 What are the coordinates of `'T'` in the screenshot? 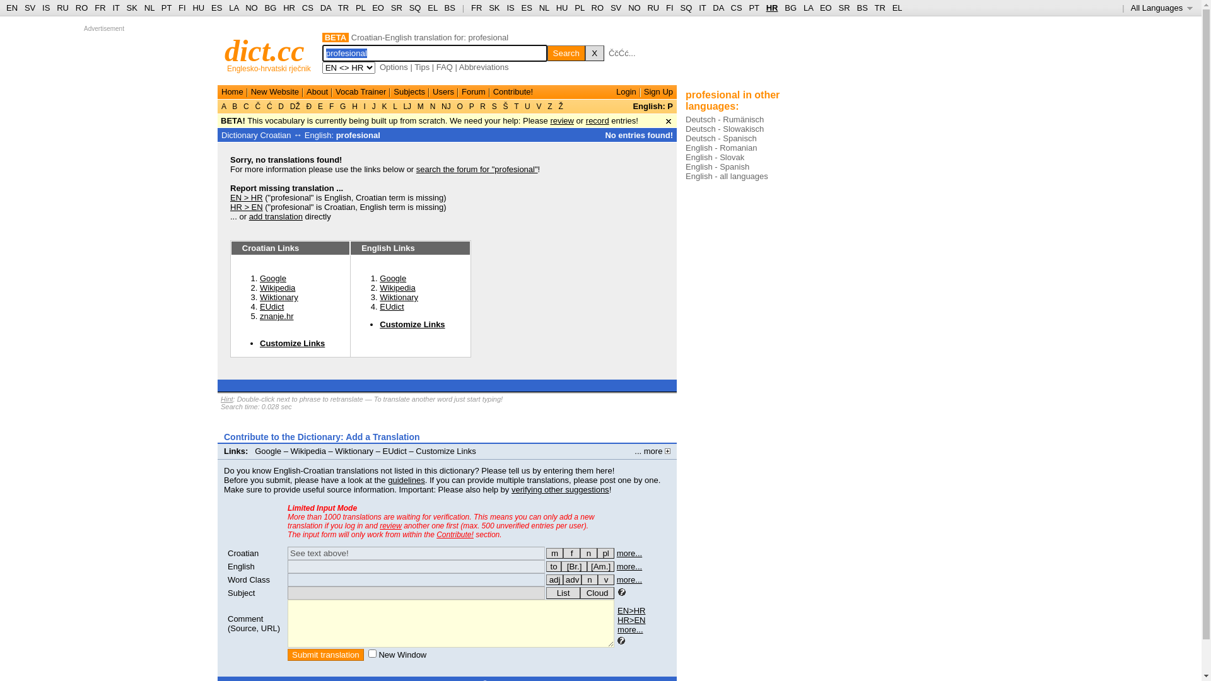 It's located at (517, 106).